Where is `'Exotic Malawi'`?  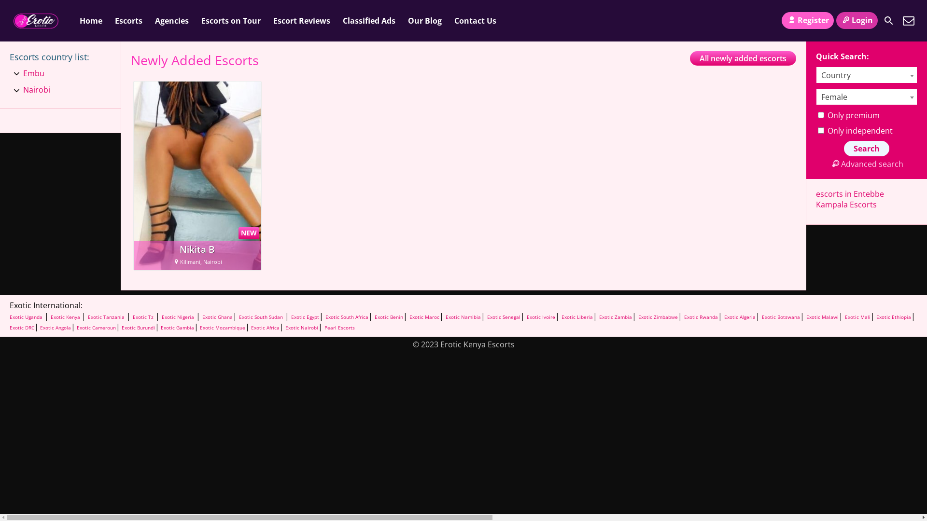 'Exotic Malawi' is located at coordinates (822, 316).